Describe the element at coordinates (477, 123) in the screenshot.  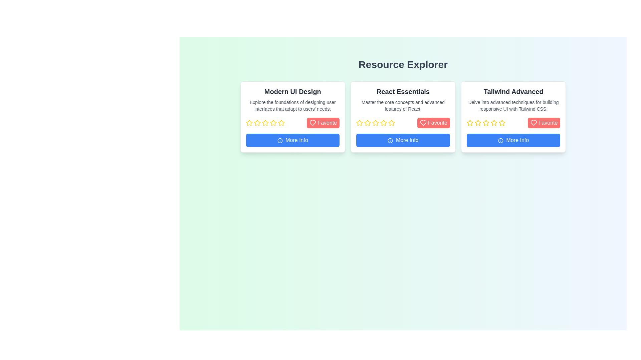
I see `the second star icon in the rating section of the 'Tailwind Advanced' card` at that location.